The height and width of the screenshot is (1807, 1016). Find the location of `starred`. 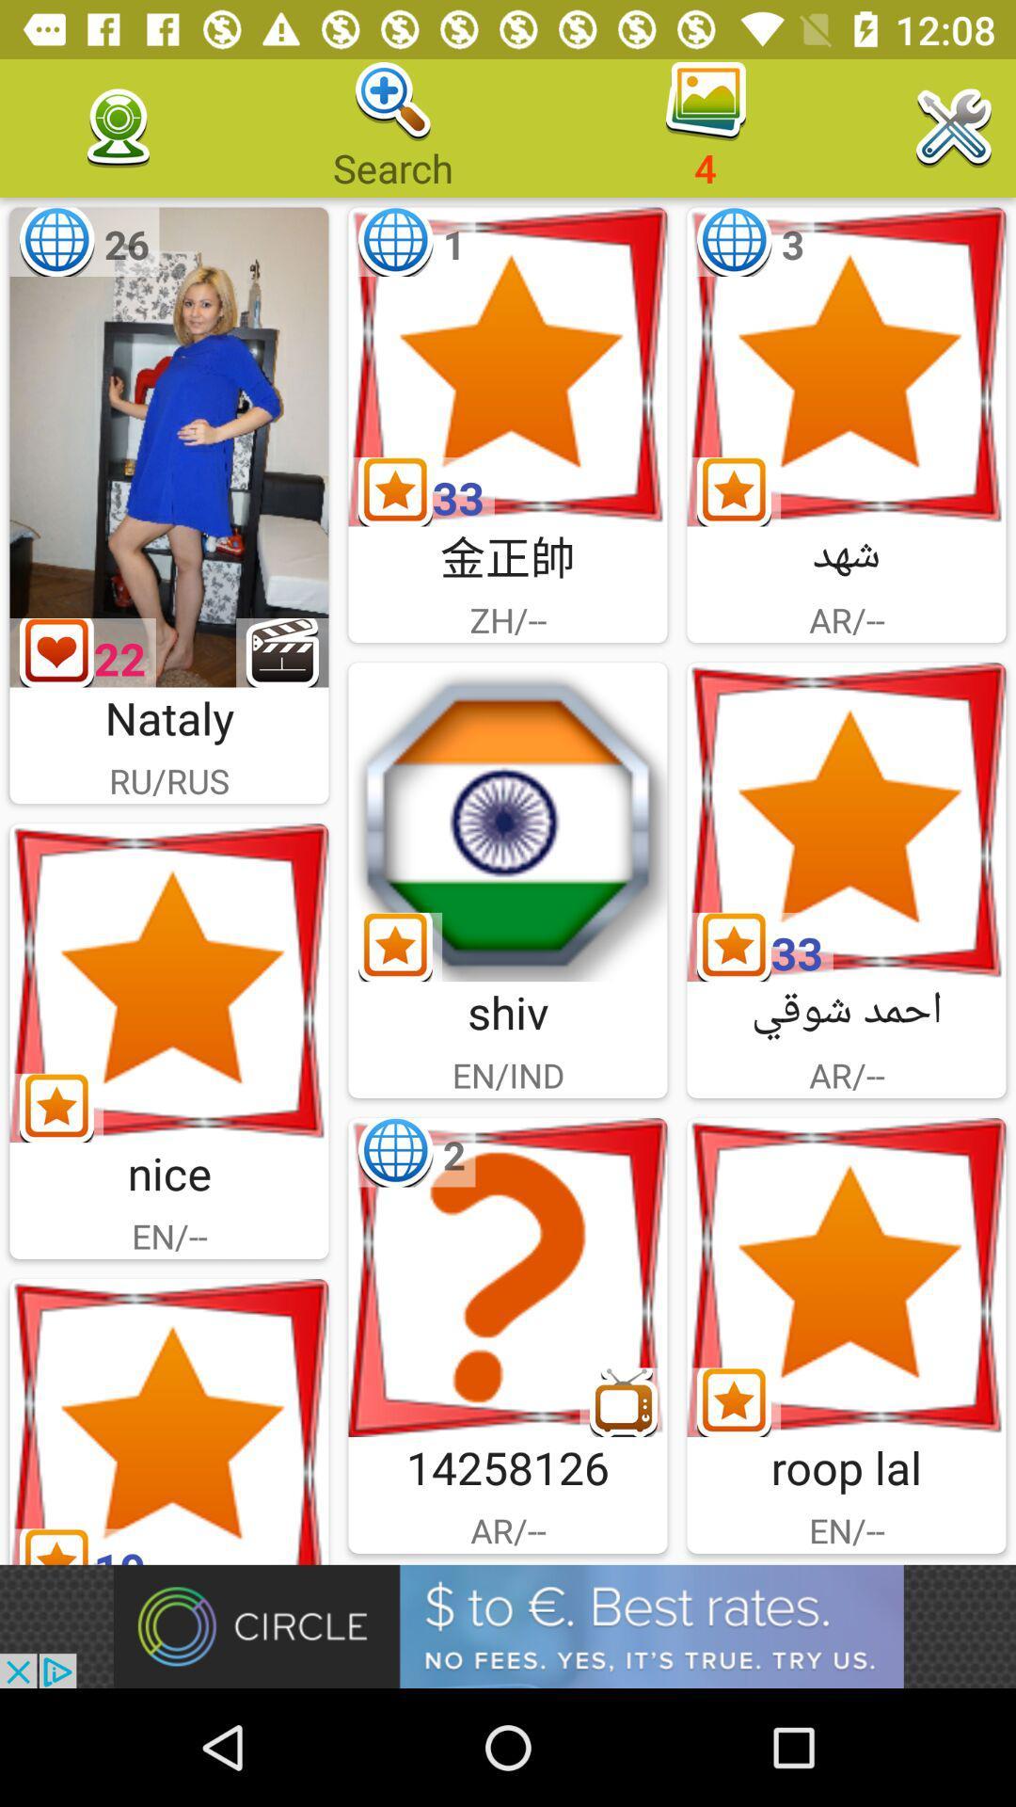

starred is located at coordinates (845, 822).